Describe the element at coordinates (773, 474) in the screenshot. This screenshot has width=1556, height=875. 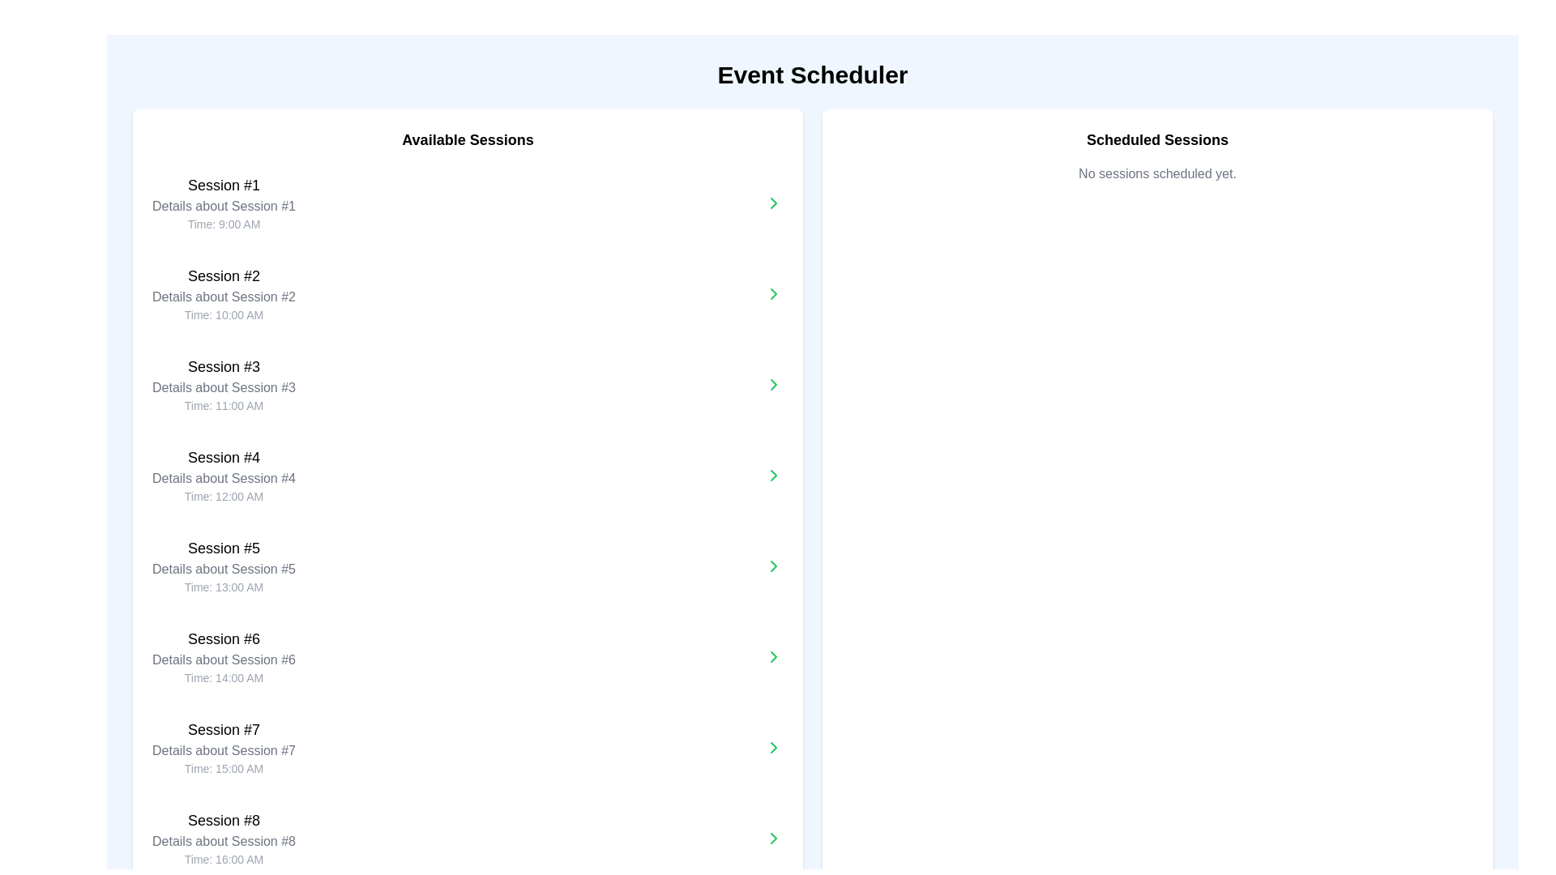
I see `the right-facing green arrow icon button located to the far right of the fourth session's information block in the 'Available Sessions' list` at that location.